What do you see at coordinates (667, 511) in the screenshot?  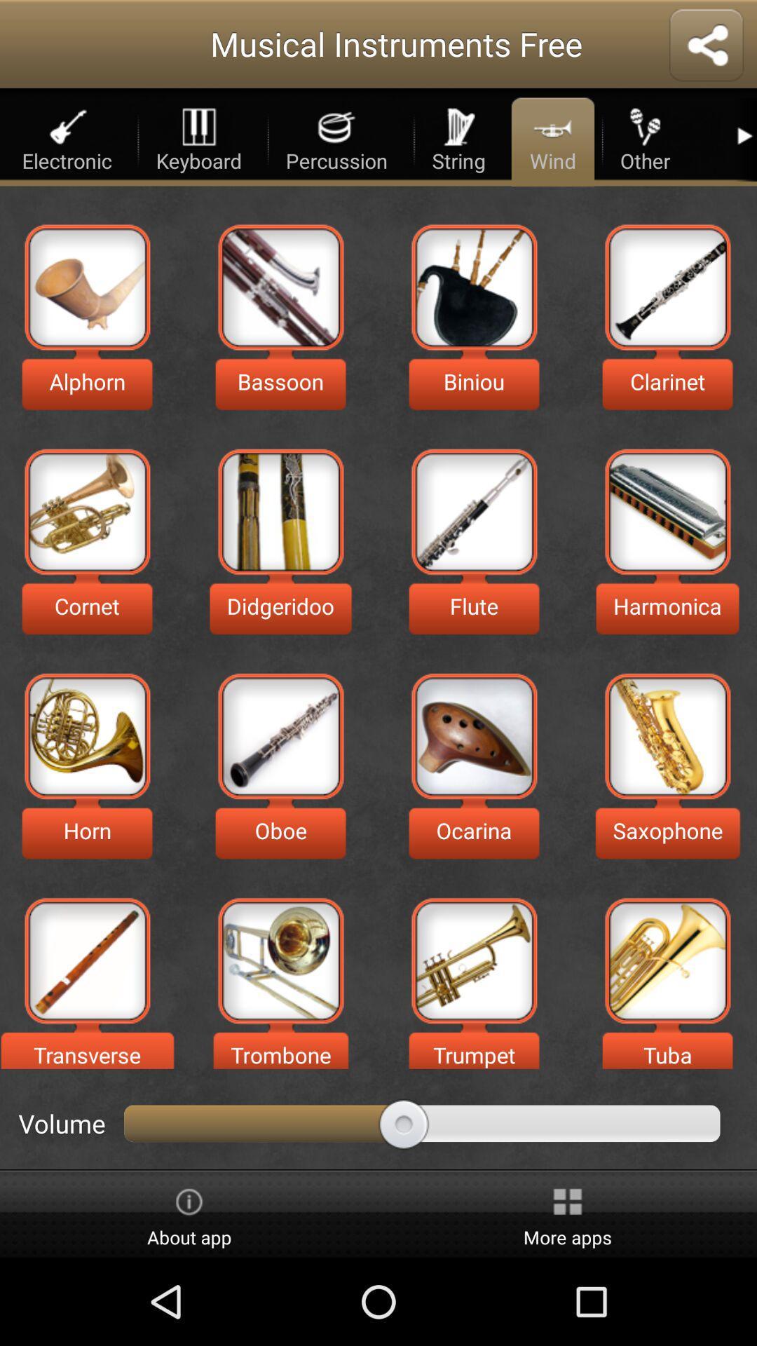 I see `check harmonica details` at bounding box center [667, 511].